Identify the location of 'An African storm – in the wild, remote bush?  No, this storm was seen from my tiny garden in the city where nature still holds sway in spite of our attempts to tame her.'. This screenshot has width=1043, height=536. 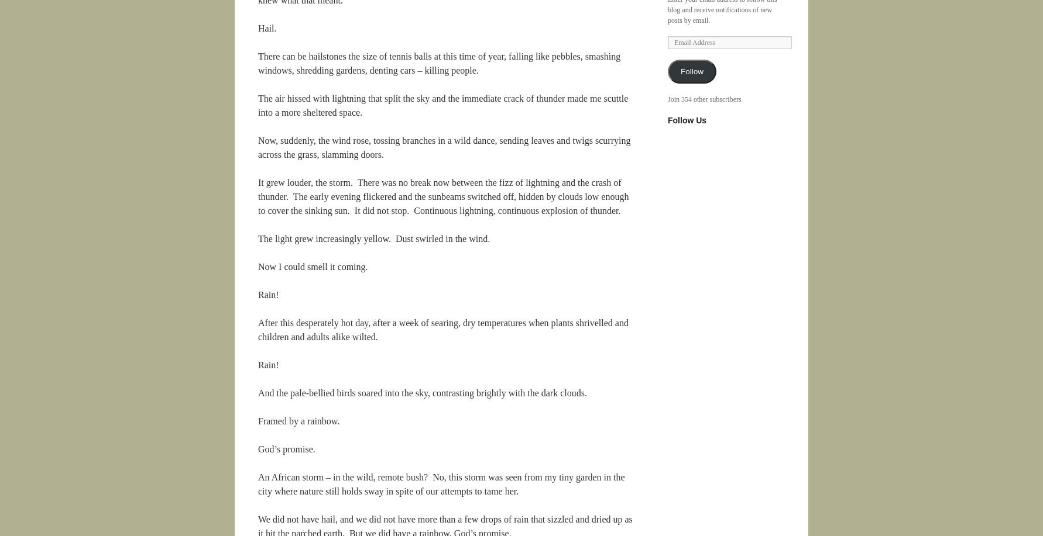
(441, 484).